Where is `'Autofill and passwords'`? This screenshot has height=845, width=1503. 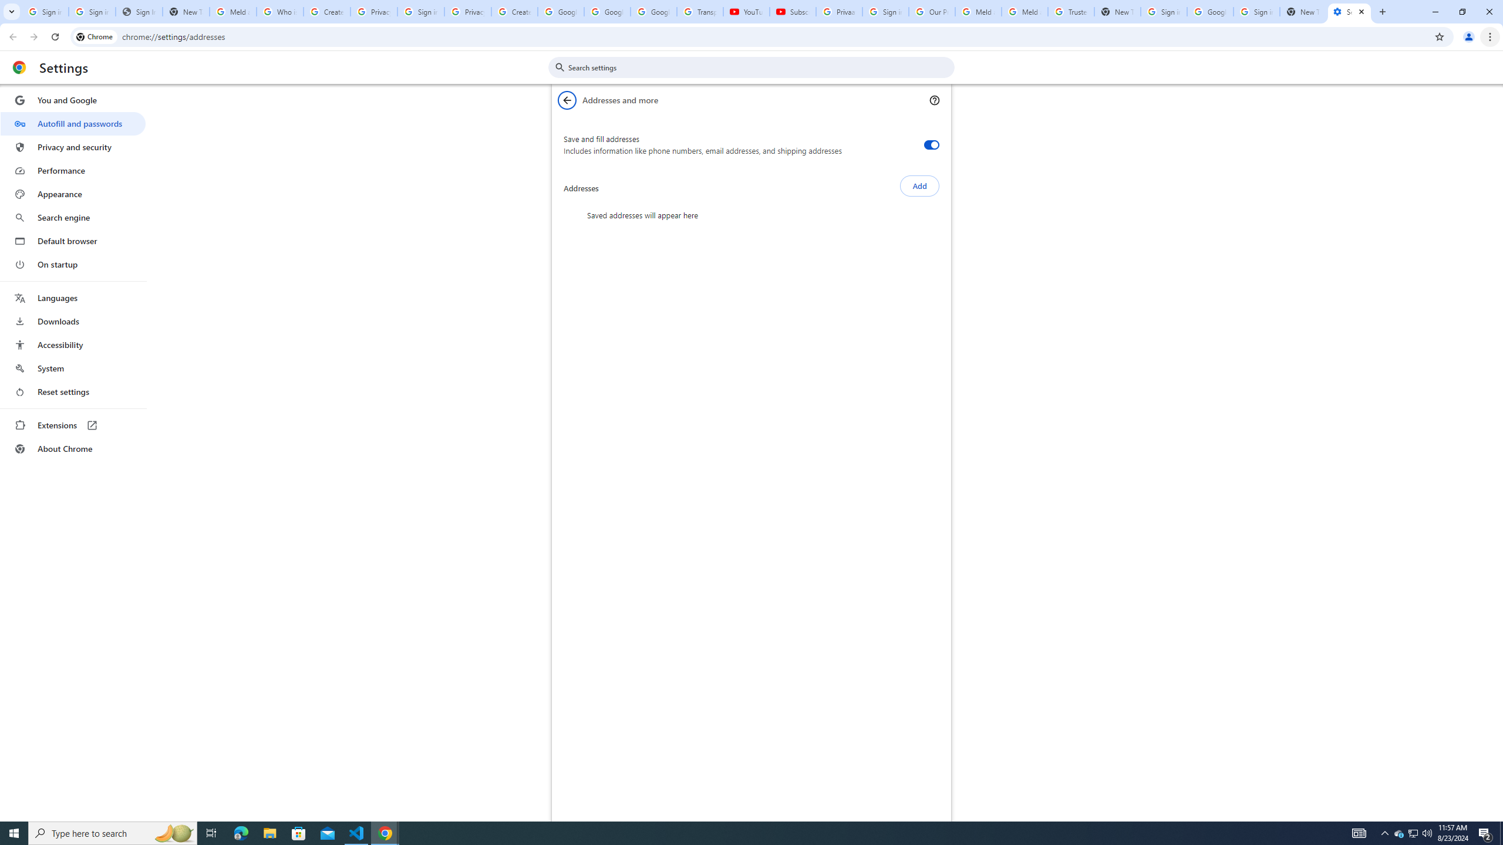 'Autofill and passwords' is located at coordinates (72, 123).